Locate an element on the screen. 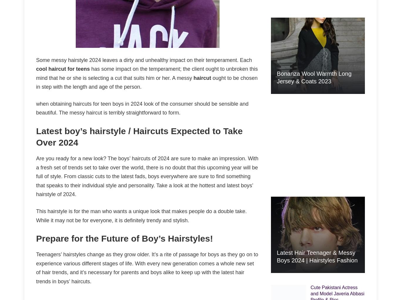 This screenshot has height=300, width=401. 'when obtaining haircuts for teen boys in 2024 look of the consumer should be sensible and beautiful. The messy haircut is terribly straightforward to form.' is located at coordinates (142, 108).